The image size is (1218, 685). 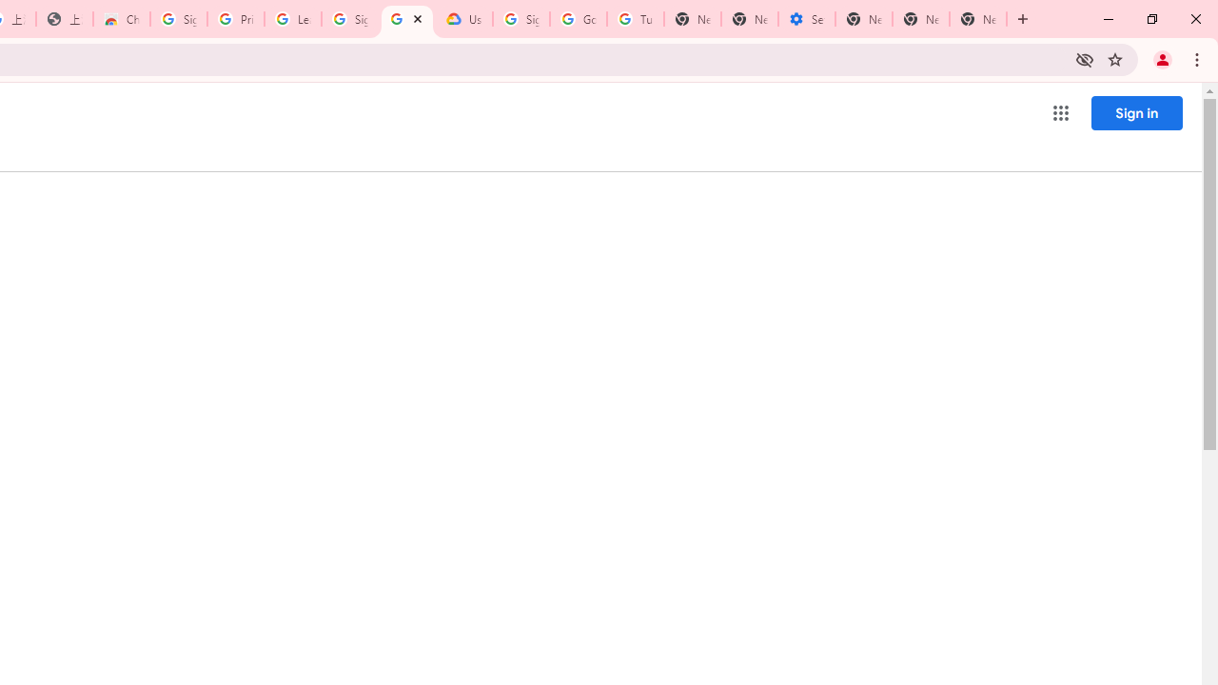 What do you see at coordinates (978, 19) in the screenshot?
I see `'New Tab'` at bounding box center [978, 19].